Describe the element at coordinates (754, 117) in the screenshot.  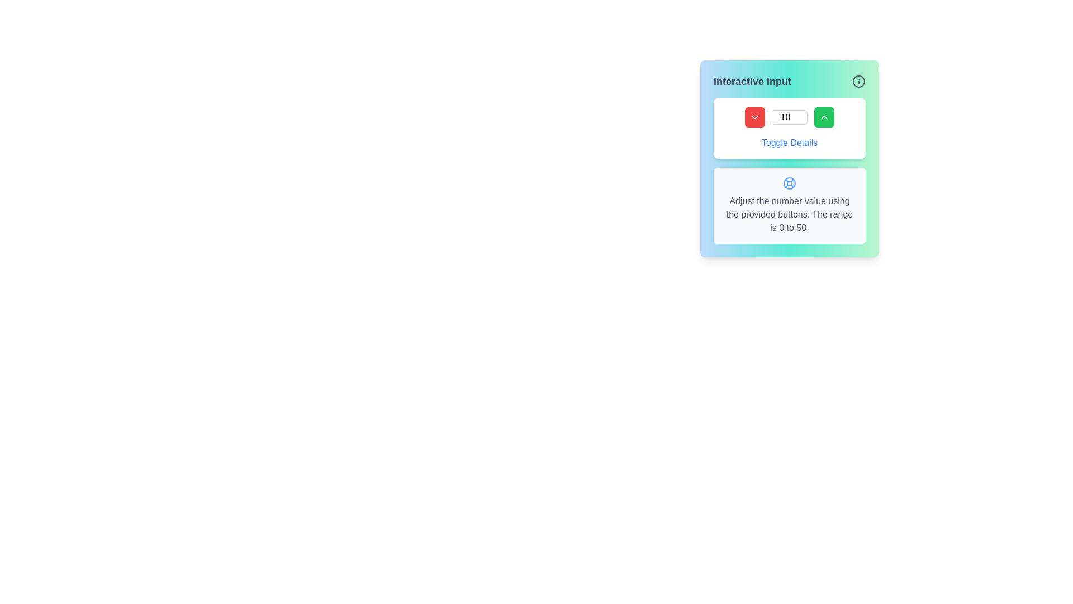
I see `the chevron icon located within the red button at the leftmost position of the horizontal row near the top of the 'Interactive Input' card` at that location.